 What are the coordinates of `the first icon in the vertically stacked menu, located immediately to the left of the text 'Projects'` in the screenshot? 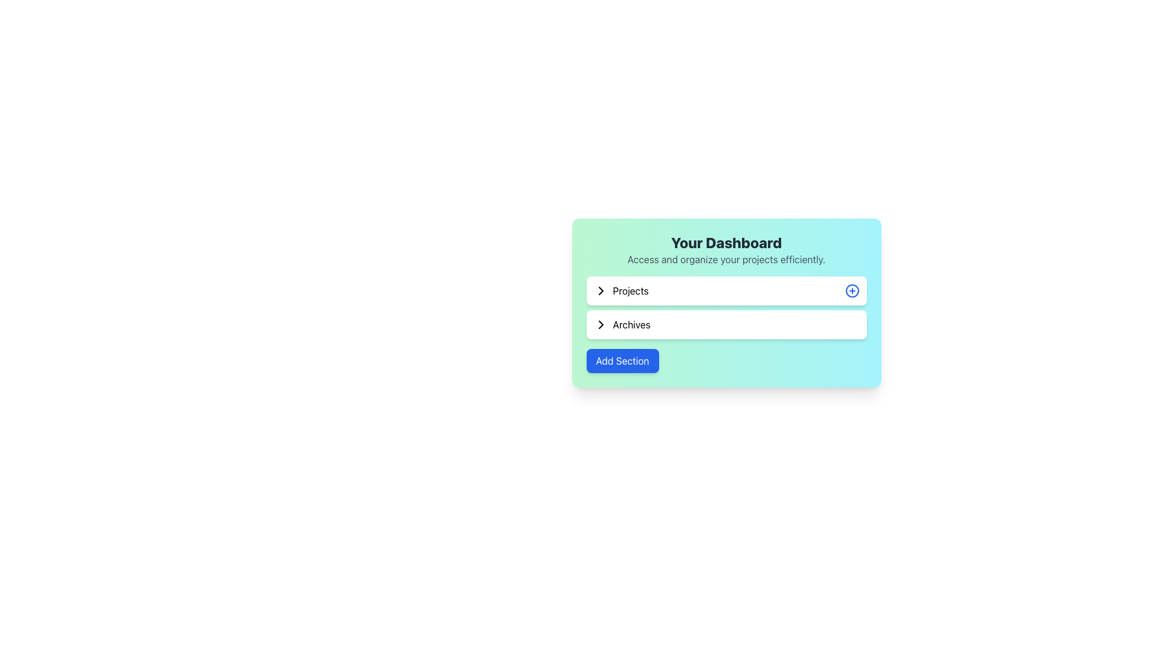 It's located at (601, 291).